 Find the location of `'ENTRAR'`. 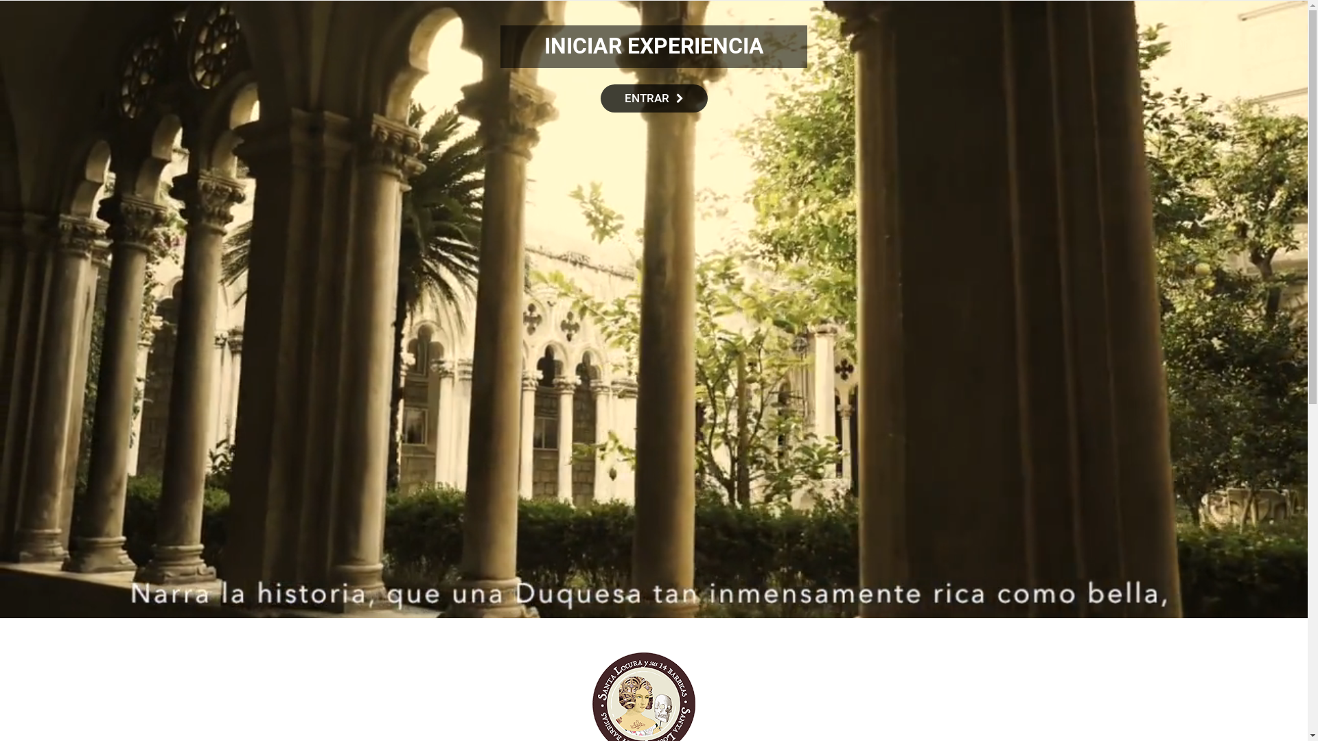

'ENTRAR' is located at coordinates (654, 97).